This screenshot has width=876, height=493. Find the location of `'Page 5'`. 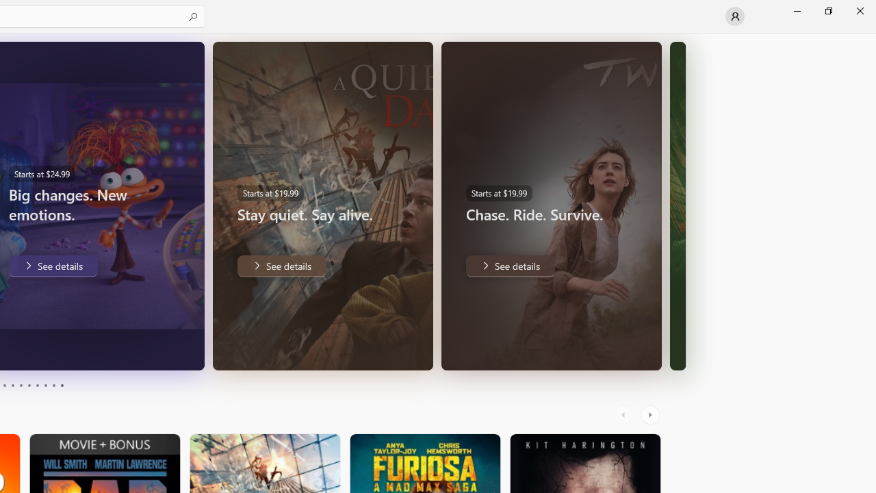

'Page 5' is located at coordinates (21, 385).